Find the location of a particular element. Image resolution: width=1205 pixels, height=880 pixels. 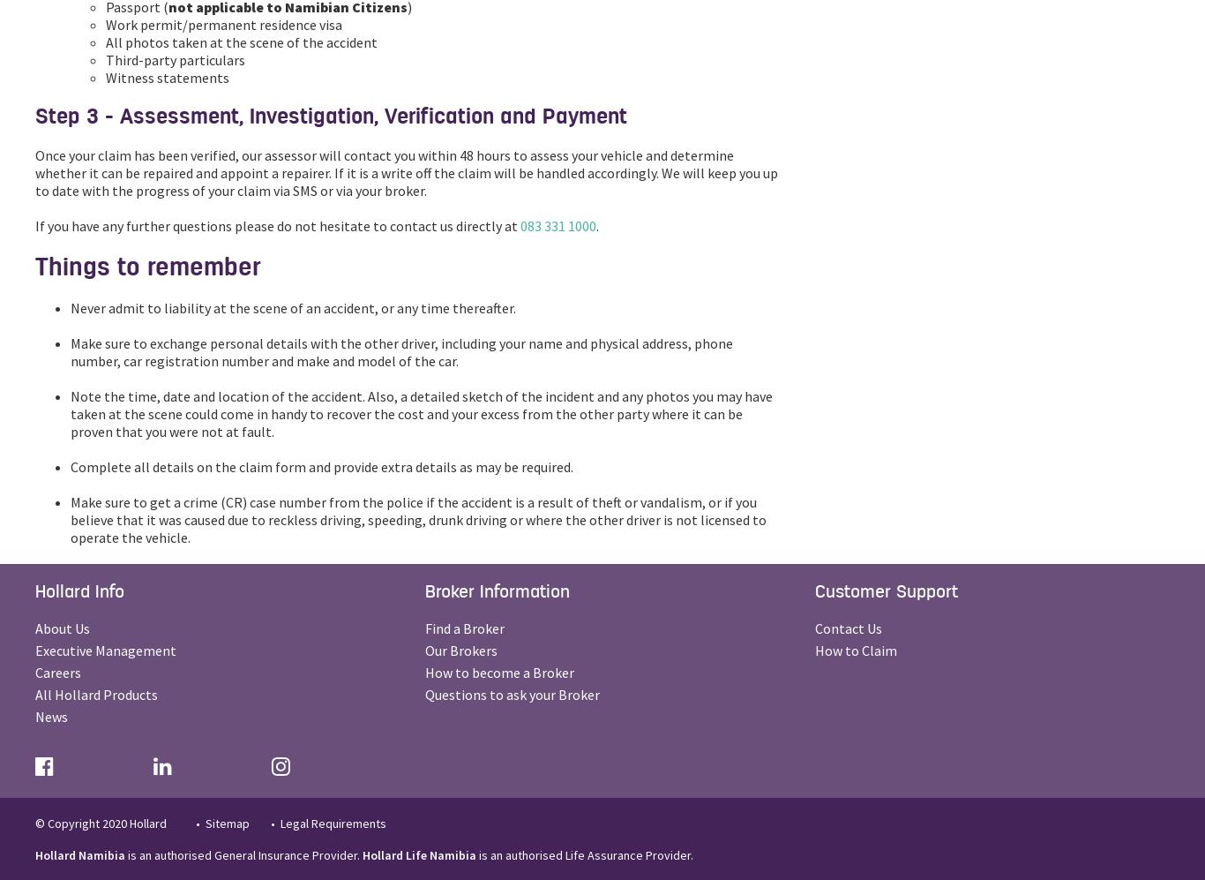

'Complete all details on the claim form and provide extra details as may be required.' is located at coordinates (320, 466).